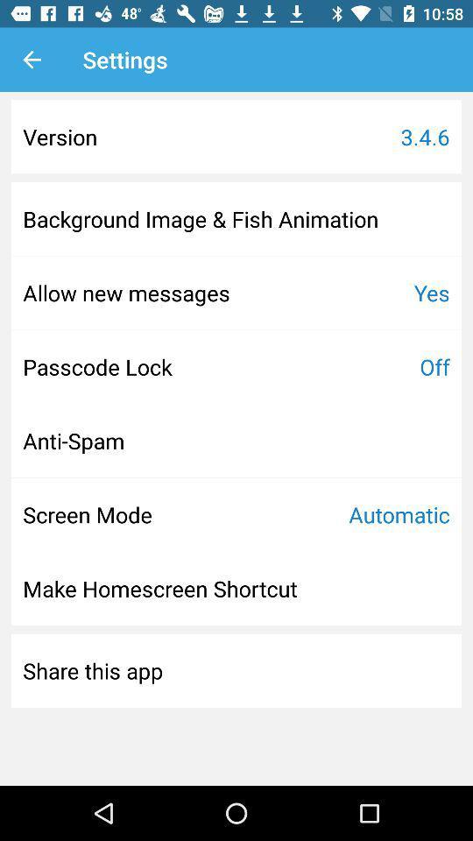 Image resolution: width=473 pixels, height=841 pixels. What do you see at coordinates (97, 365) in the screenshot?
I see `the passcode lock item` at bounding box center [97, 365].